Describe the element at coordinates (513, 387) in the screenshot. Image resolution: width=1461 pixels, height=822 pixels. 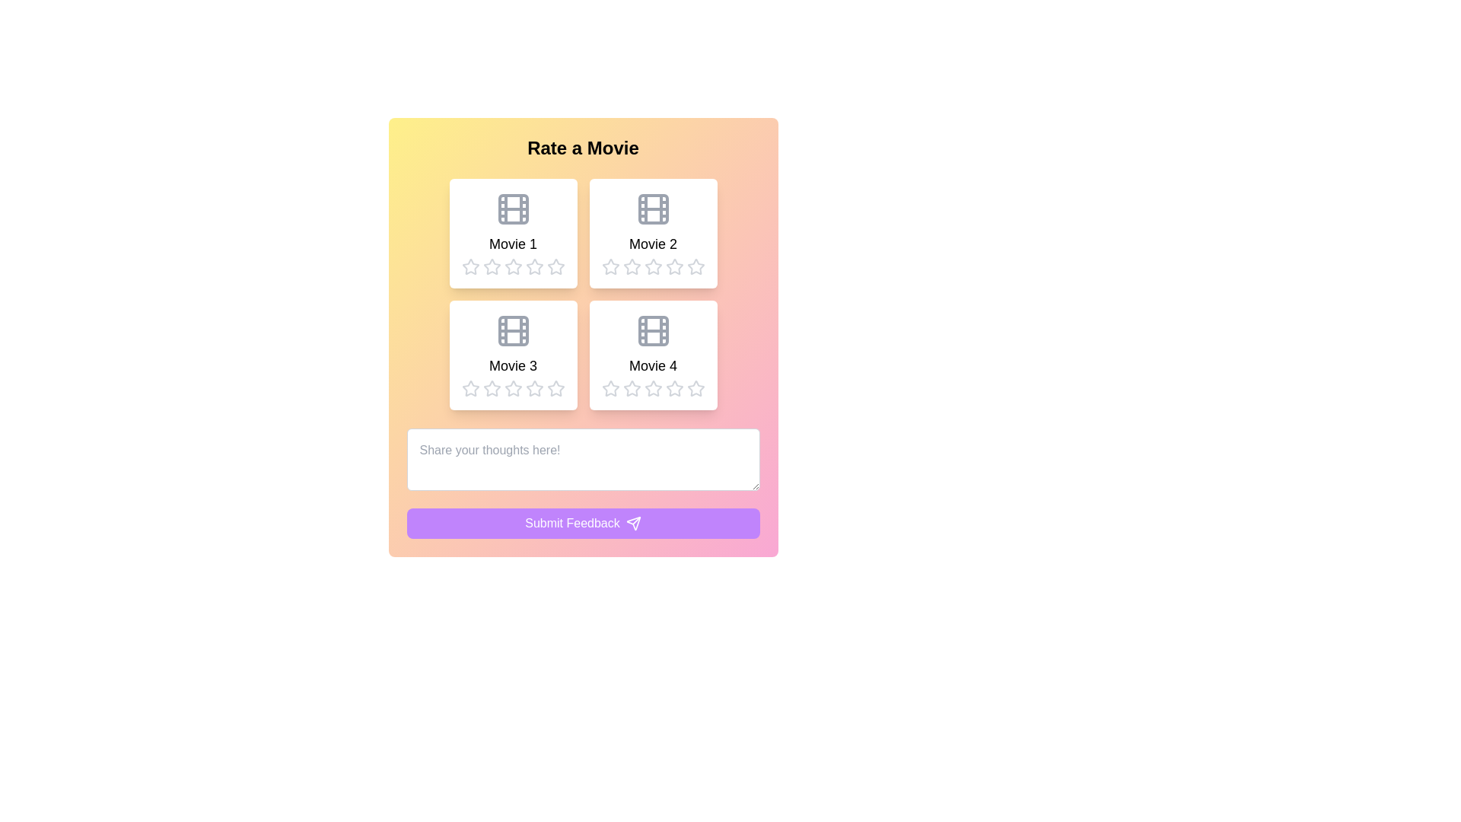
I see `the star in the Rating component for 'Movie 3'` at that location.